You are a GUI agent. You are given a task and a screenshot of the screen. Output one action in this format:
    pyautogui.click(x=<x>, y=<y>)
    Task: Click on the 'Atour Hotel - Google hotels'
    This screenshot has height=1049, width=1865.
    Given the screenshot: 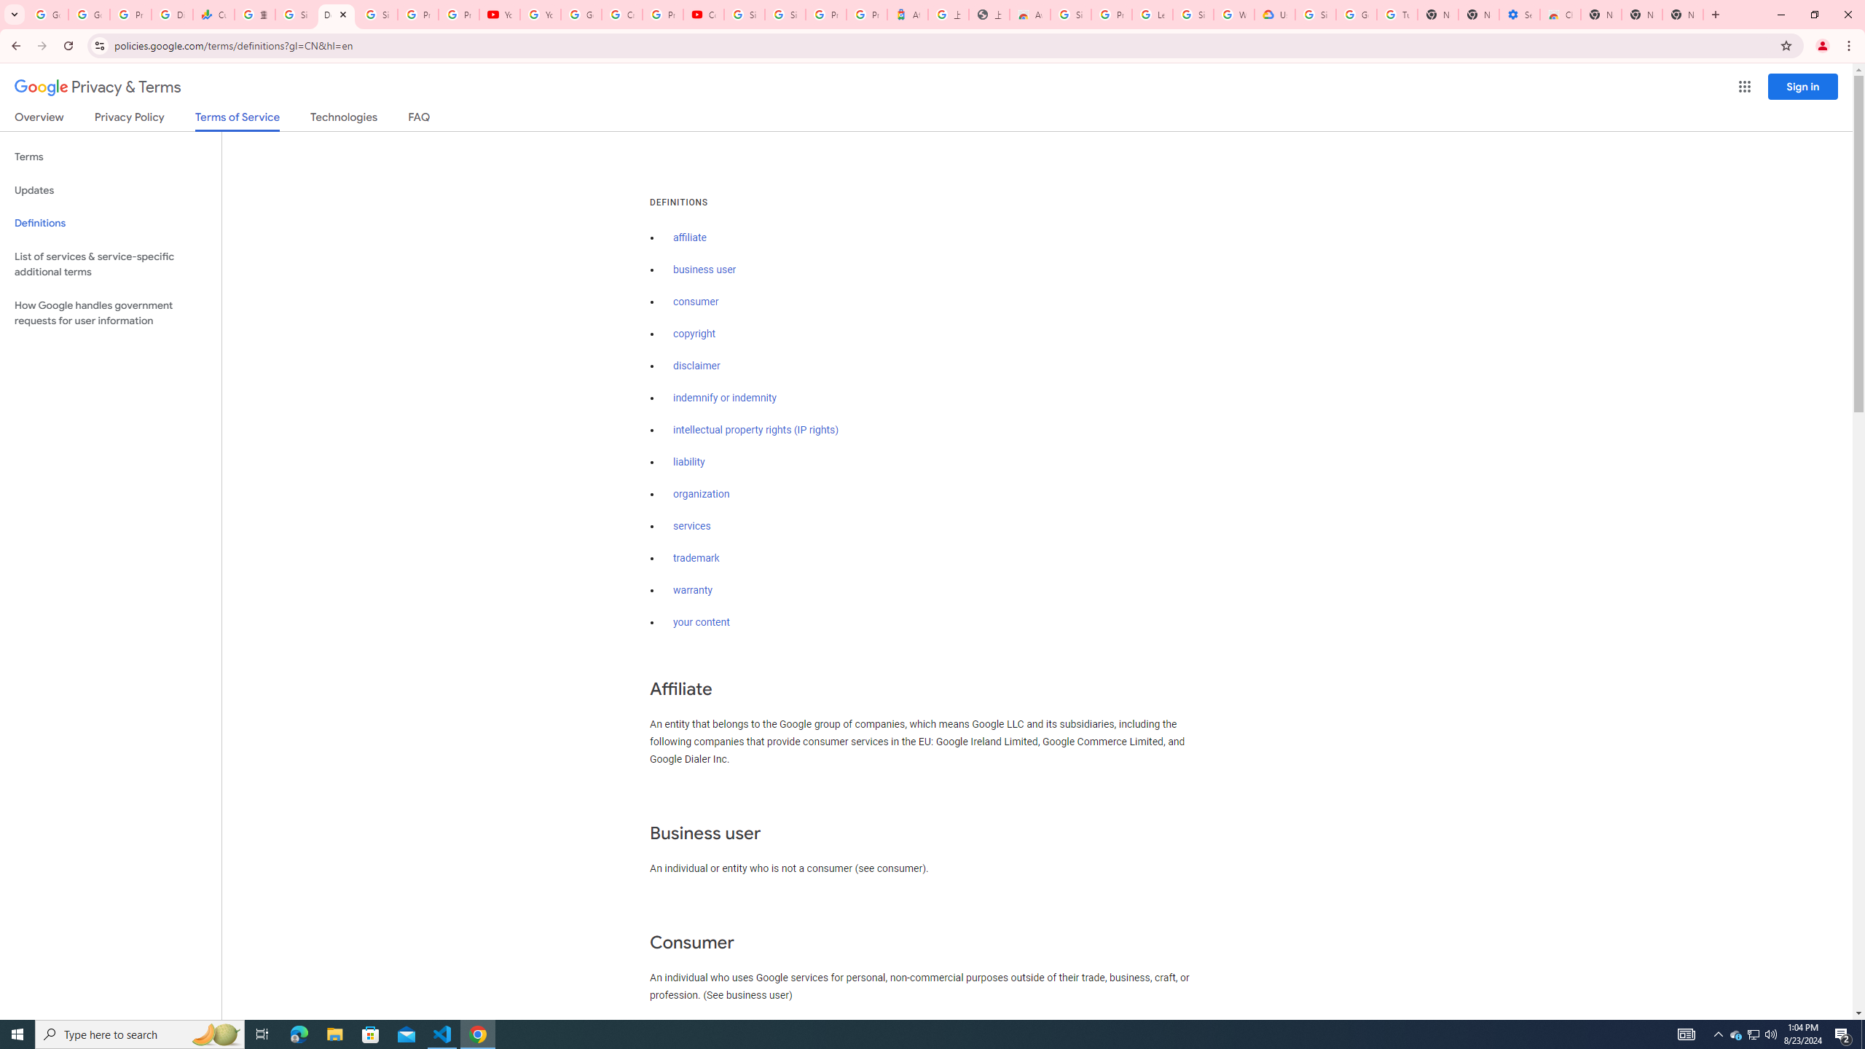 What is the action you would take?
    pyautogui.click(x=906, y=14)
    